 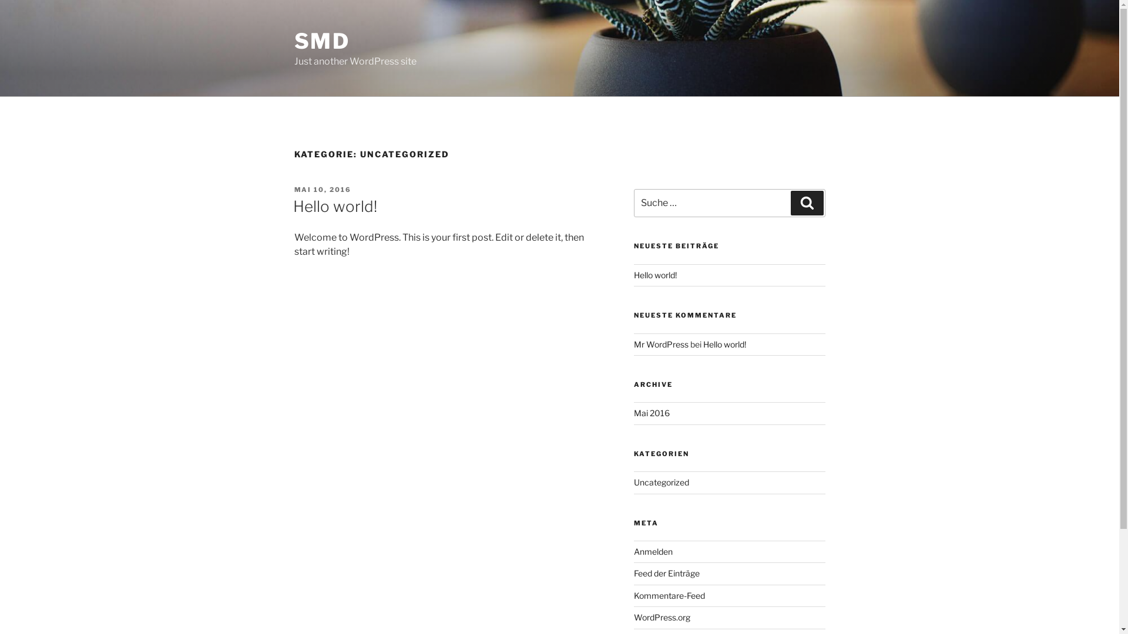 I want to click on 'Mai 2016', so click(x=651, y=412).